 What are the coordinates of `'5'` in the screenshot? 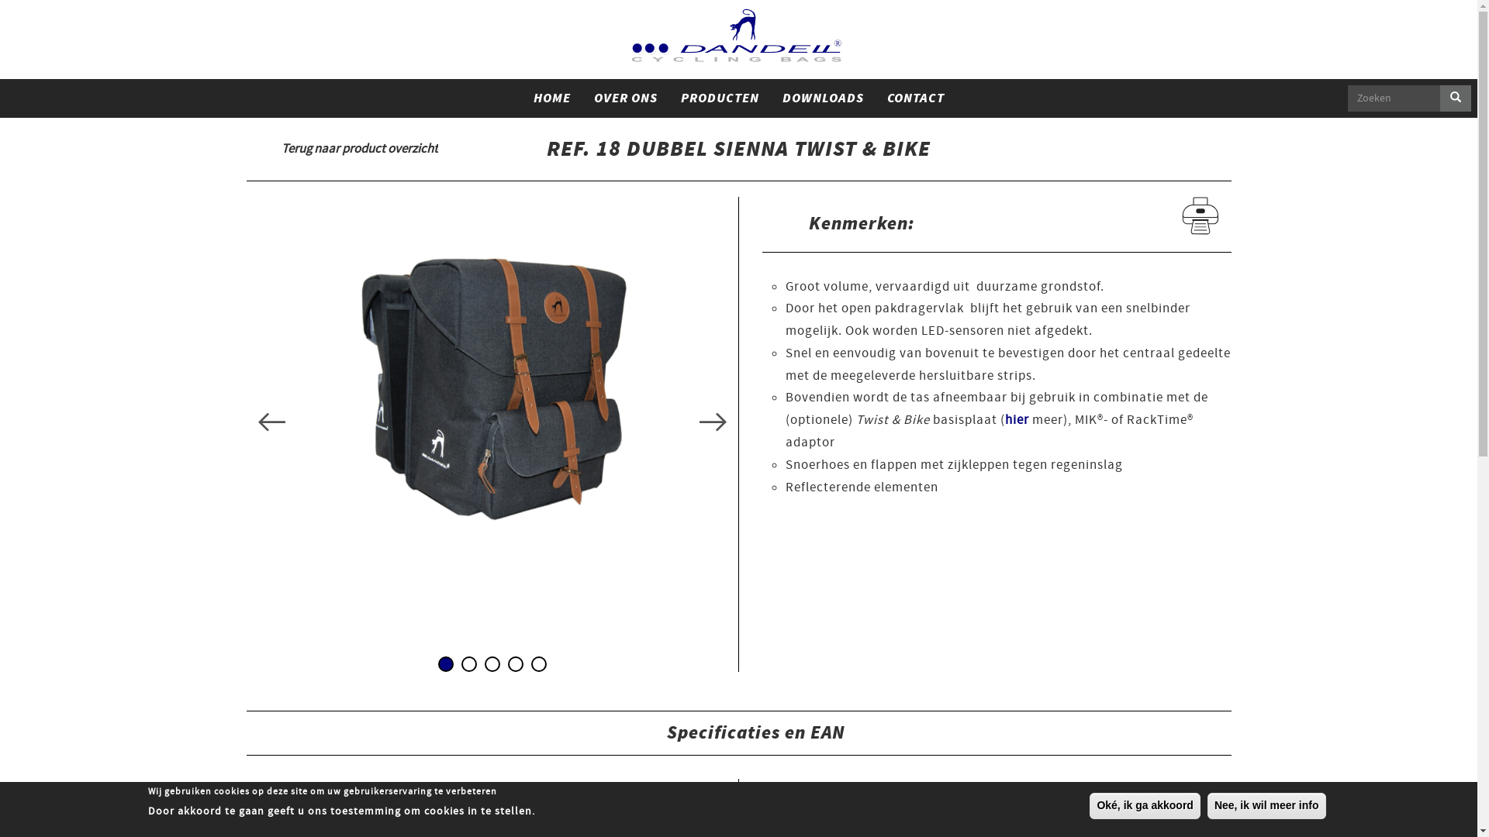 It's located at (538, 663).